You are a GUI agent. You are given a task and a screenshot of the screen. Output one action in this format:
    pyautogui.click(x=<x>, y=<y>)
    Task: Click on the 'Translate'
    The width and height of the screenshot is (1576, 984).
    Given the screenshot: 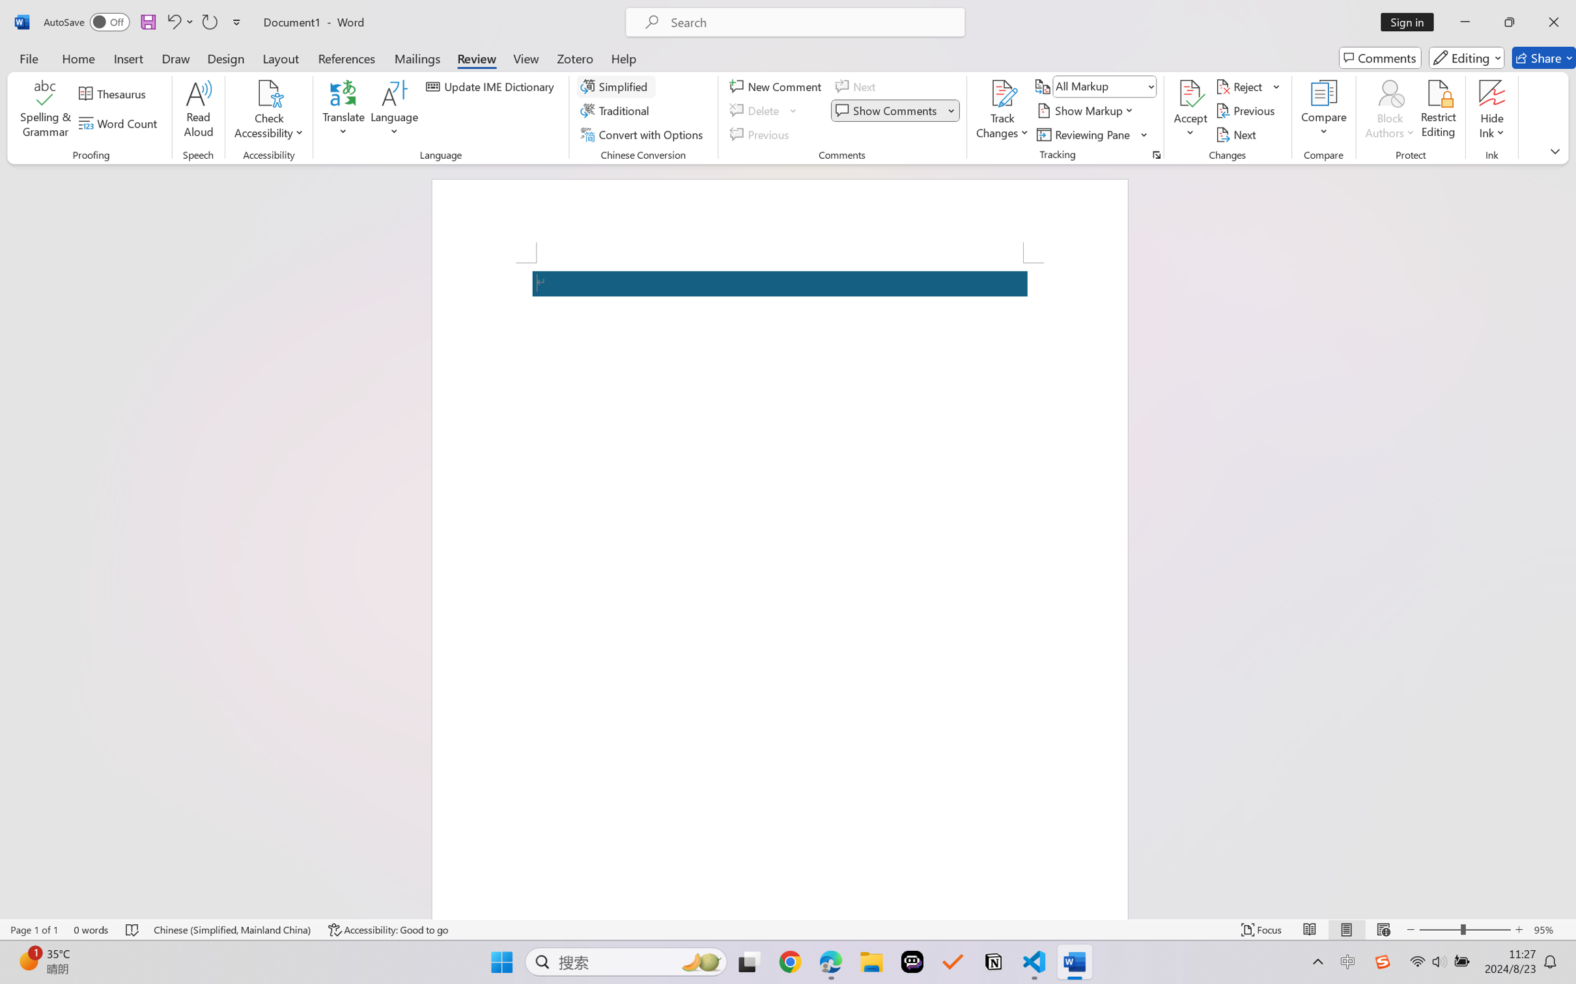 What is the action you would take?
    pyautogui.click(x=343, y=111)
    